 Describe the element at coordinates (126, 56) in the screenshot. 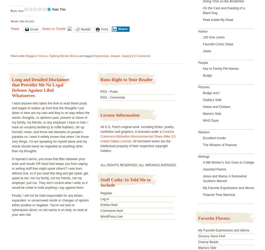

I see `'tragedy'` at that location.